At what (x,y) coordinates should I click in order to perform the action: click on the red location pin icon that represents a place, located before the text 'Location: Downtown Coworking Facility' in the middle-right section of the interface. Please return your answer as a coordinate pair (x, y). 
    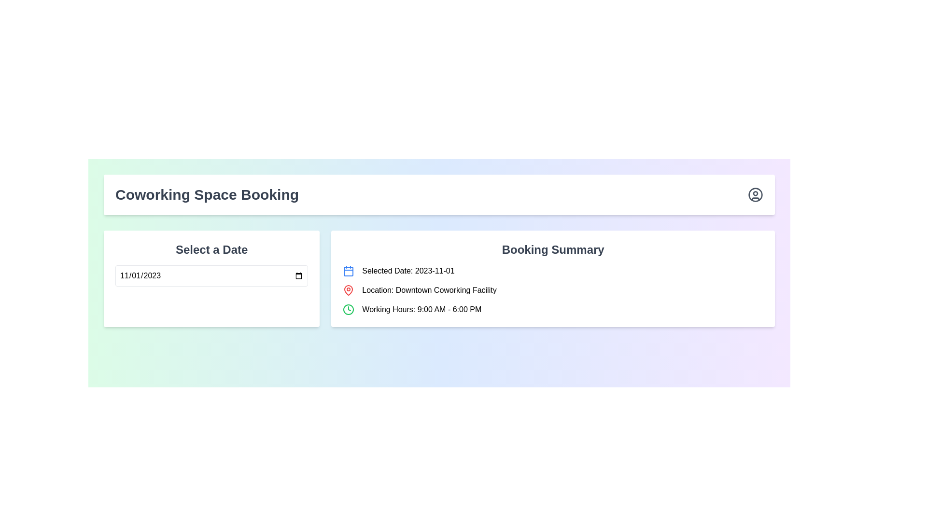
    Looking at the image, I should click on (348, 289).